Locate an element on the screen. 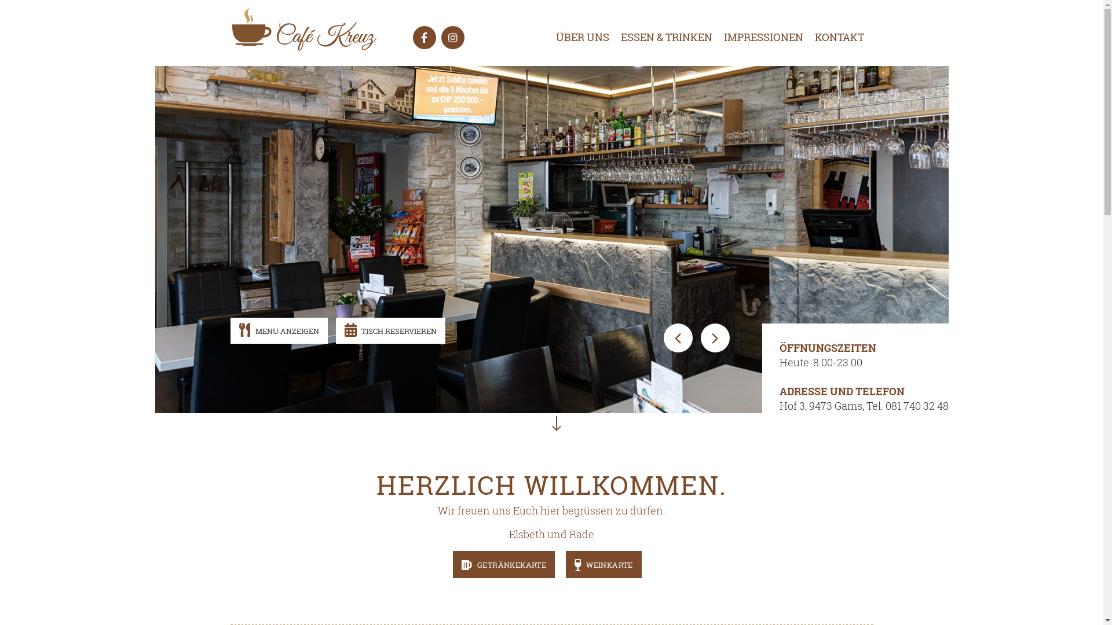 The height and width of the screenshot is (625, 1112). 'Previous' is located at coordinates (678, 337).